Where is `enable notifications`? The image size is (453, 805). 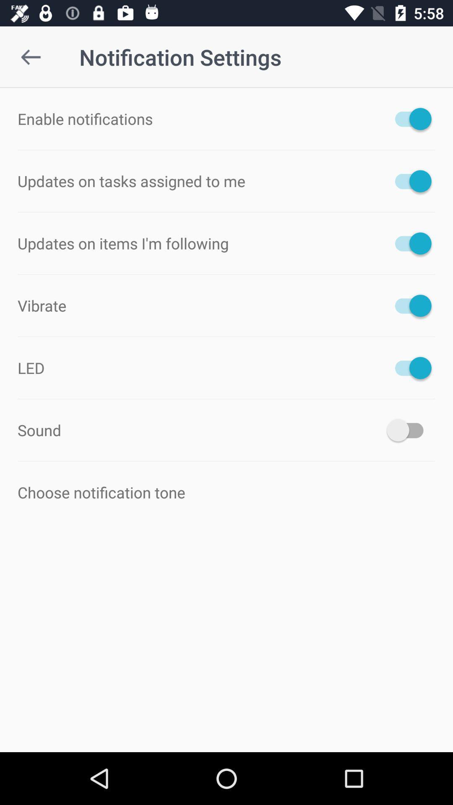
enable notifications is located at coordinates (409, 118).